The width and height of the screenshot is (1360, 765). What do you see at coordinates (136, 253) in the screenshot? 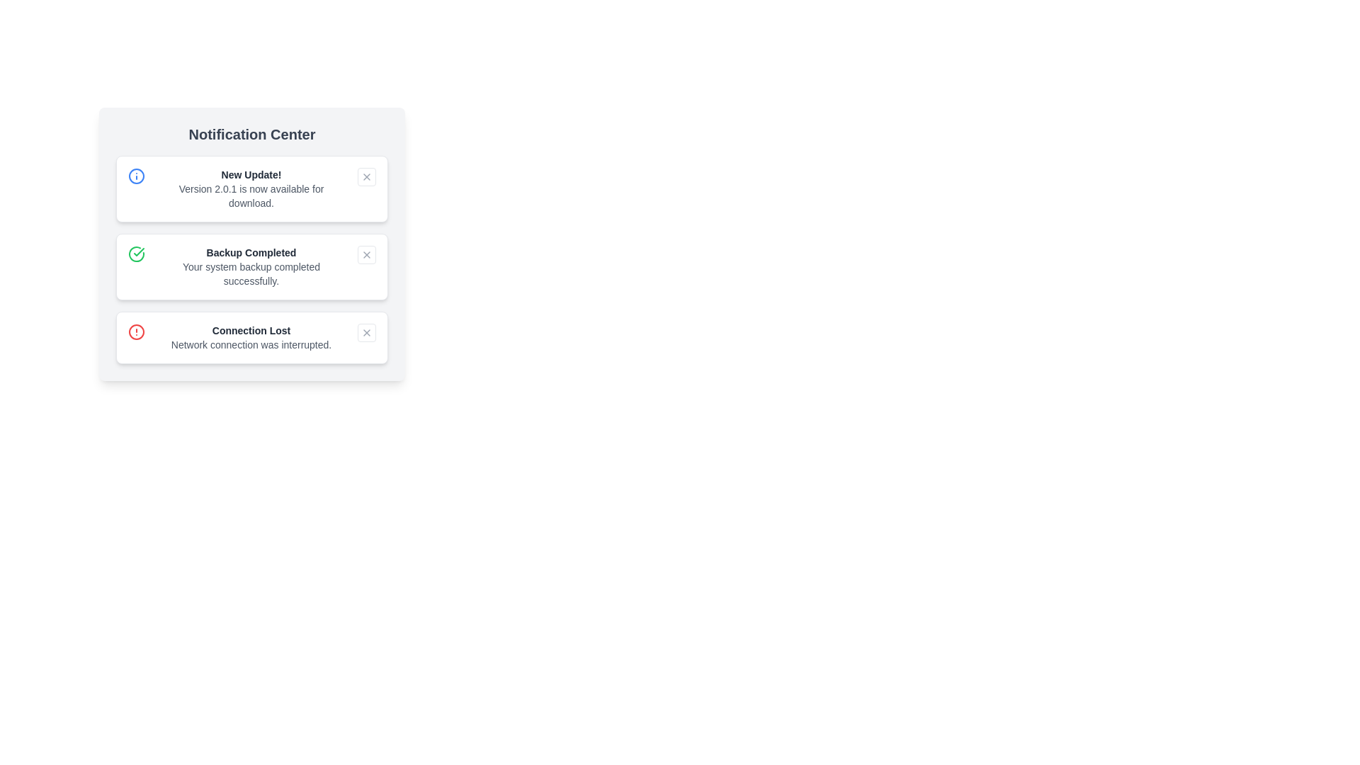
I see `the green circular icon with a checkmark located inside the second notification card in the 'Notification Center' section, positioned to the left of the text 'Backup Completed'` at bounding box center [136, 253].